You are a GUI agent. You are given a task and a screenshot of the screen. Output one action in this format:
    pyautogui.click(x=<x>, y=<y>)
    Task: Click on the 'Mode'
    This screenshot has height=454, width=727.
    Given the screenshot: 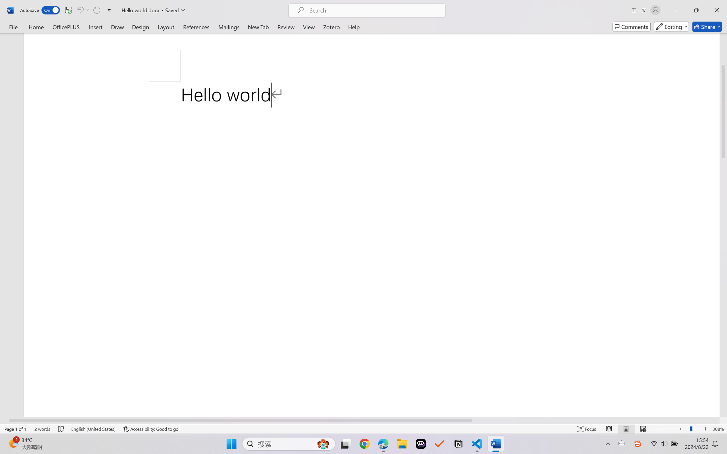 What is the action you would take?
    pyautogui.click(x=671, y=26)
    